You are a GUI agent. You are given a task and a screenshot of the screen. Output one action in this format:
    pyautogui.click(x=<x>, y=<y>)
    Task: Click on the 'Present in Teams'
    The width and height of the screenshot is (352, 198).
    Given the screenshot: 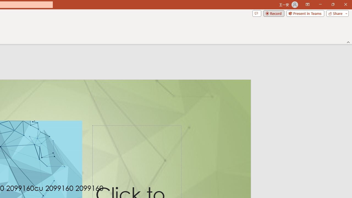 What is the action you would take?
    pyautogui.click(x=305, y=13)
    